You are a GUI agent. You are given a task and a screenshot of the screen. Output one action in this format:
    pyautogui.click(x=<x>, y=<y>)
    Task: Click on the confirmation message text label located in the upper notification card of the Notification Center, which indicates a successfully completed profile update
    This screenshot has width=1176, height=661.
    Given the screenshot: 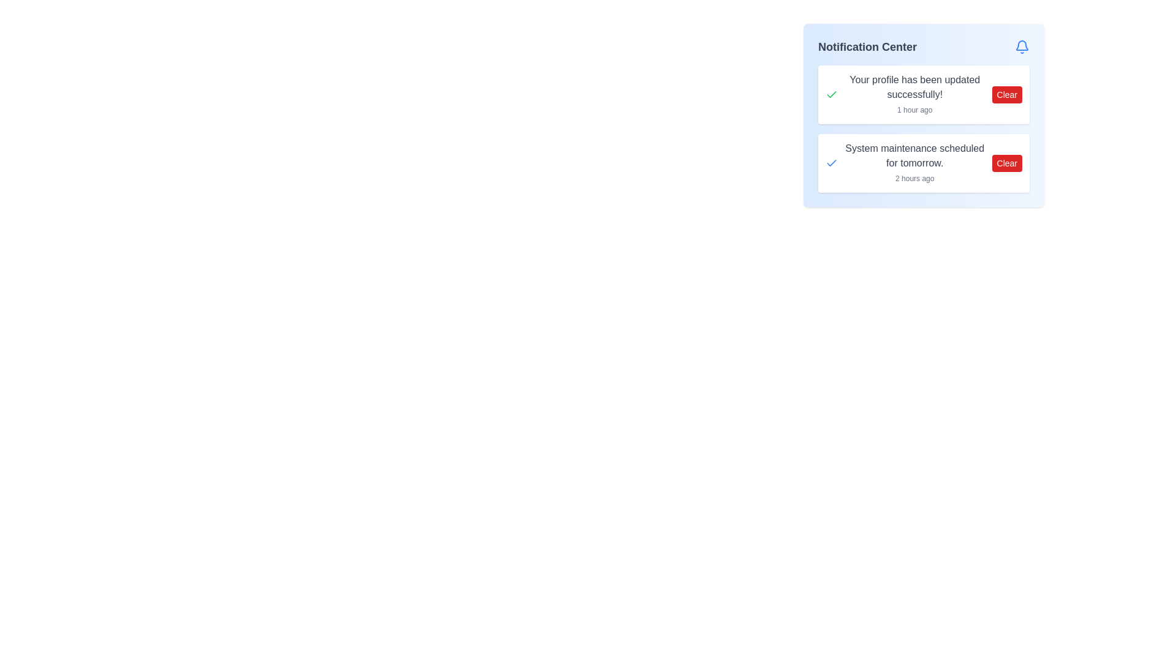 What is the action you would take?
    pyautogui.click(x=914, y=86)
    